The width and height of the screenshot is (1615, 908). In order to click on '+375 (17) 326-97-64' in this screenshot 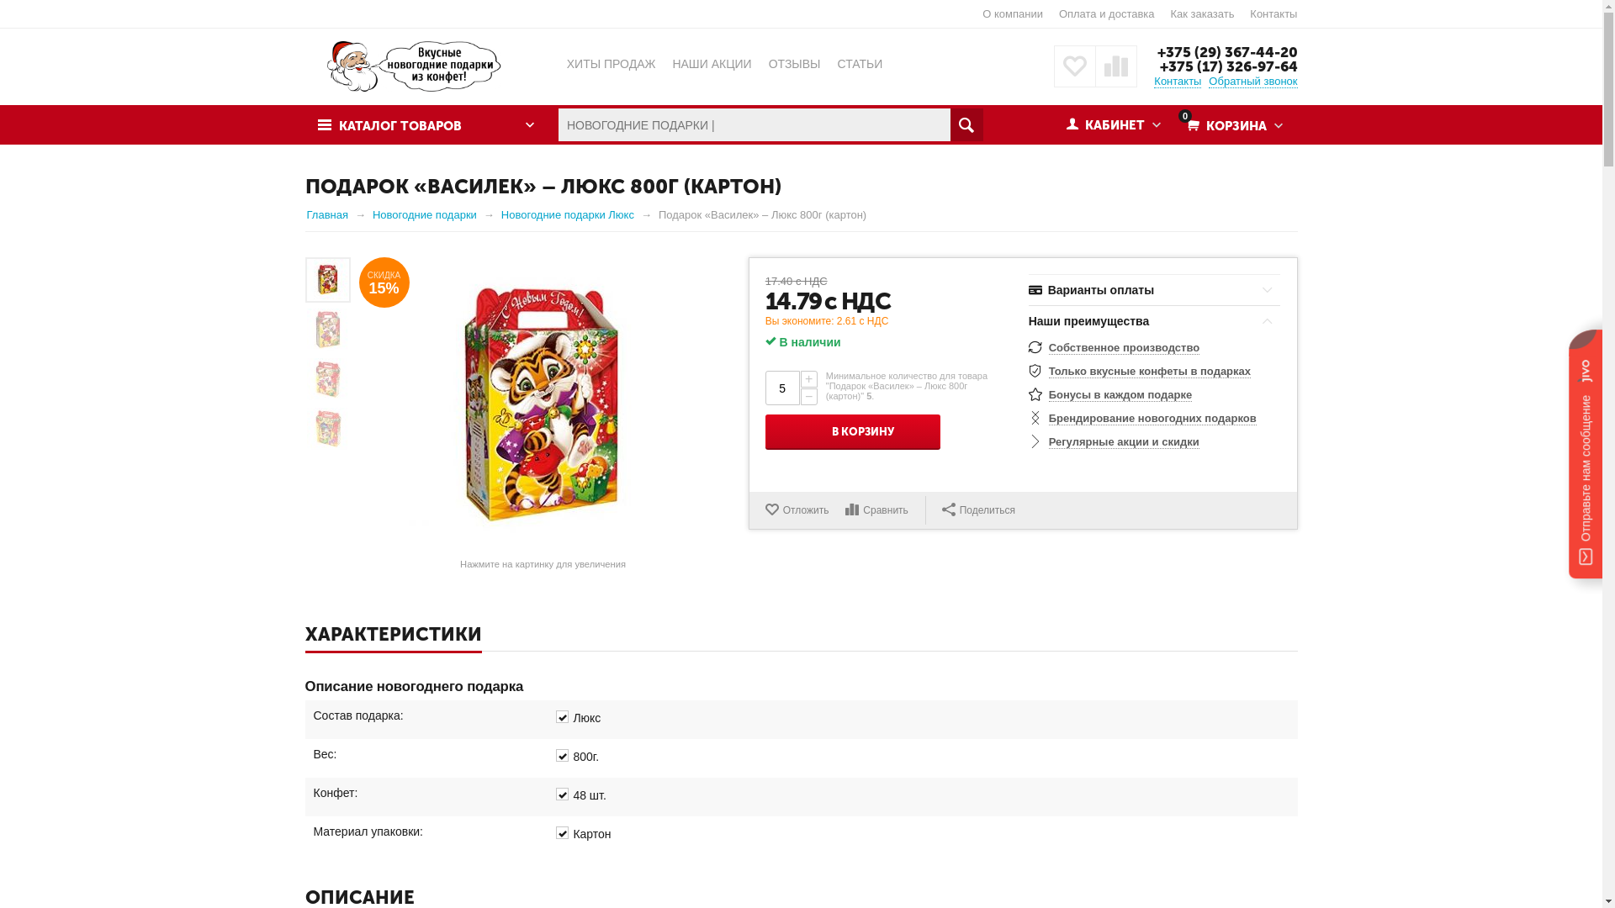, I will do `click(1227, 65)`.